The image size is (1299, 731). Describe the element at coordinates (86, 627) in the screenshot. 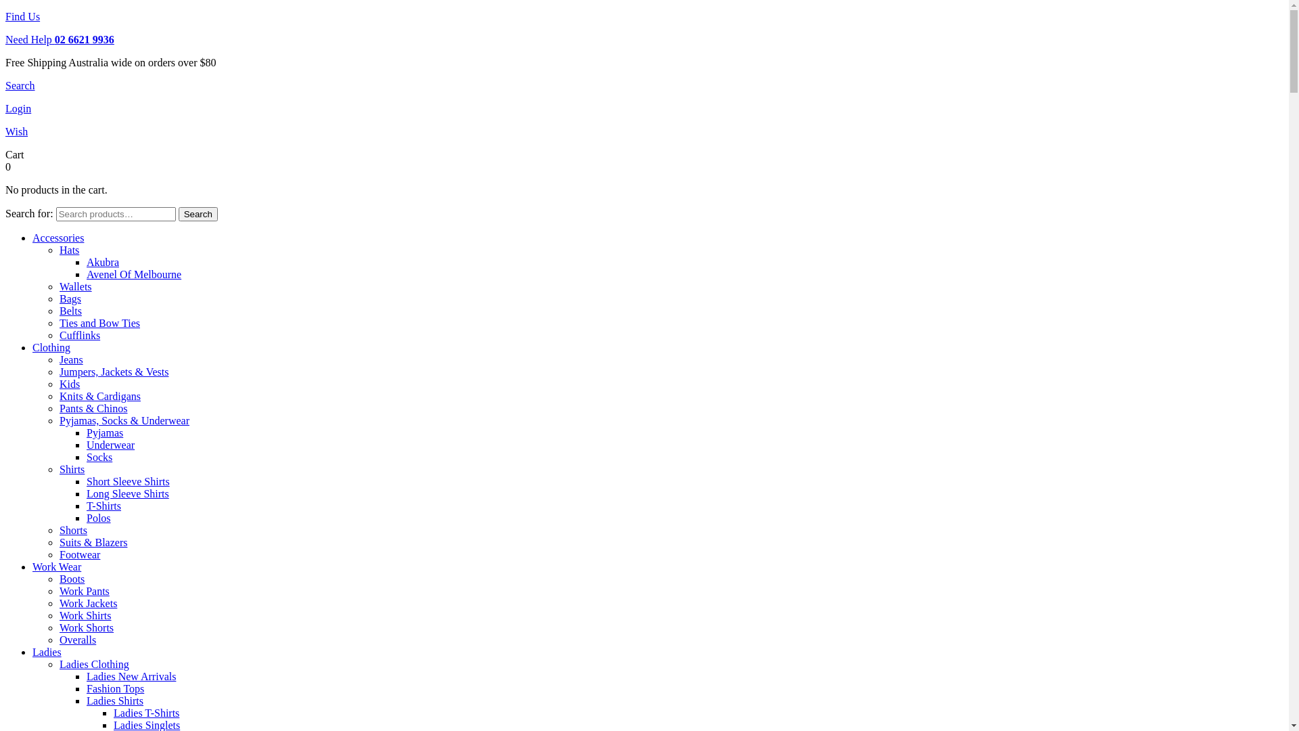

I see `'Work Shorts'` at that location.